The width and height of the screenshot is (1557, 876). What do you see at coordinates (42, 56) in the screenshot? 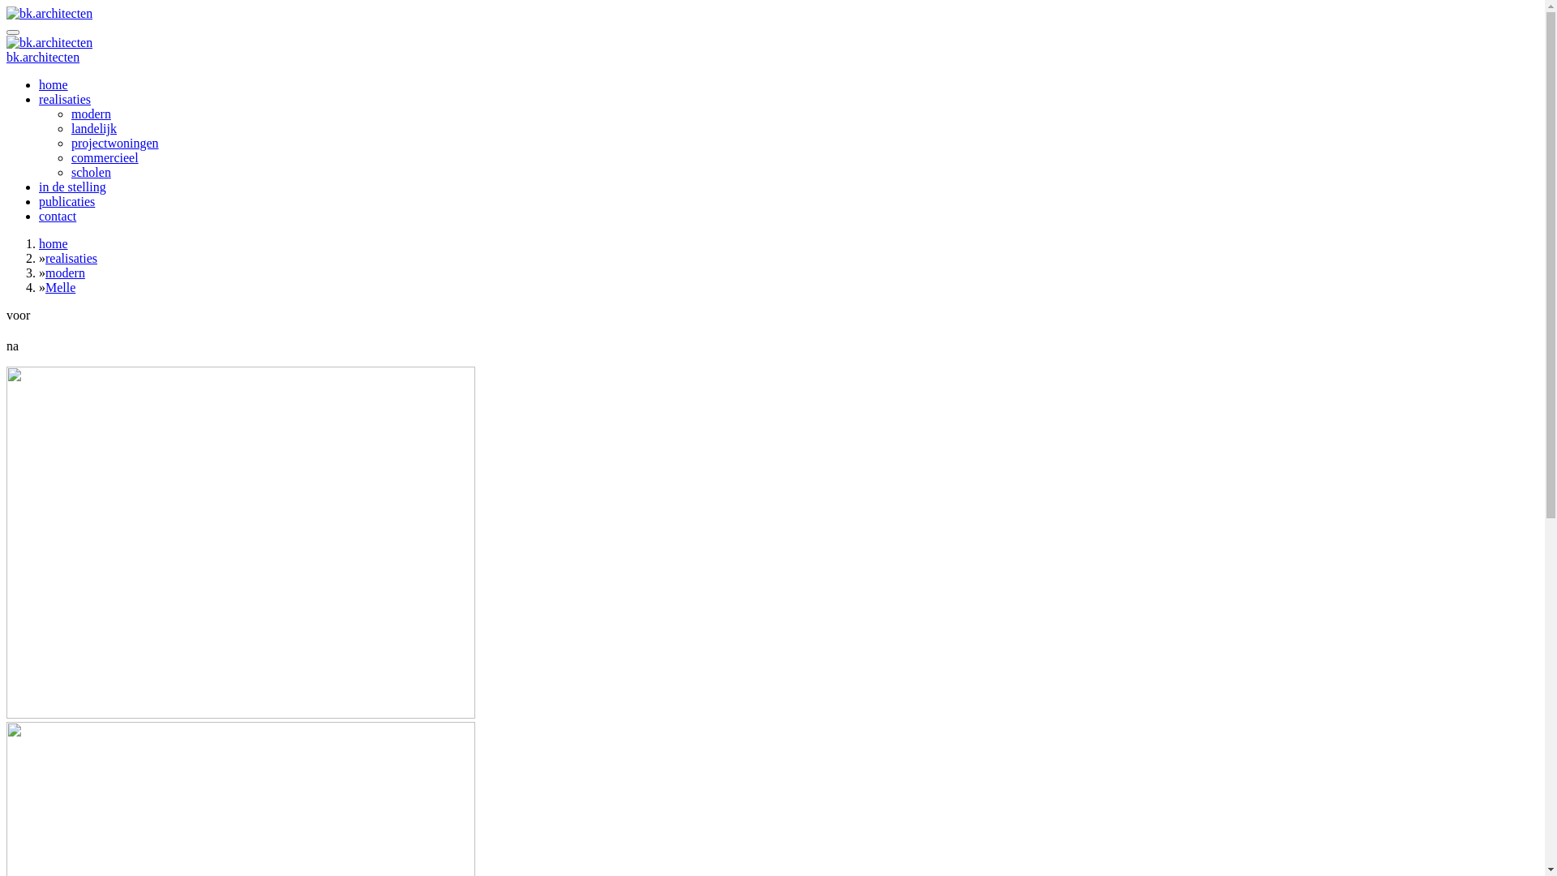
I see `'bk.architecten'` at bounding box center [42, 56].